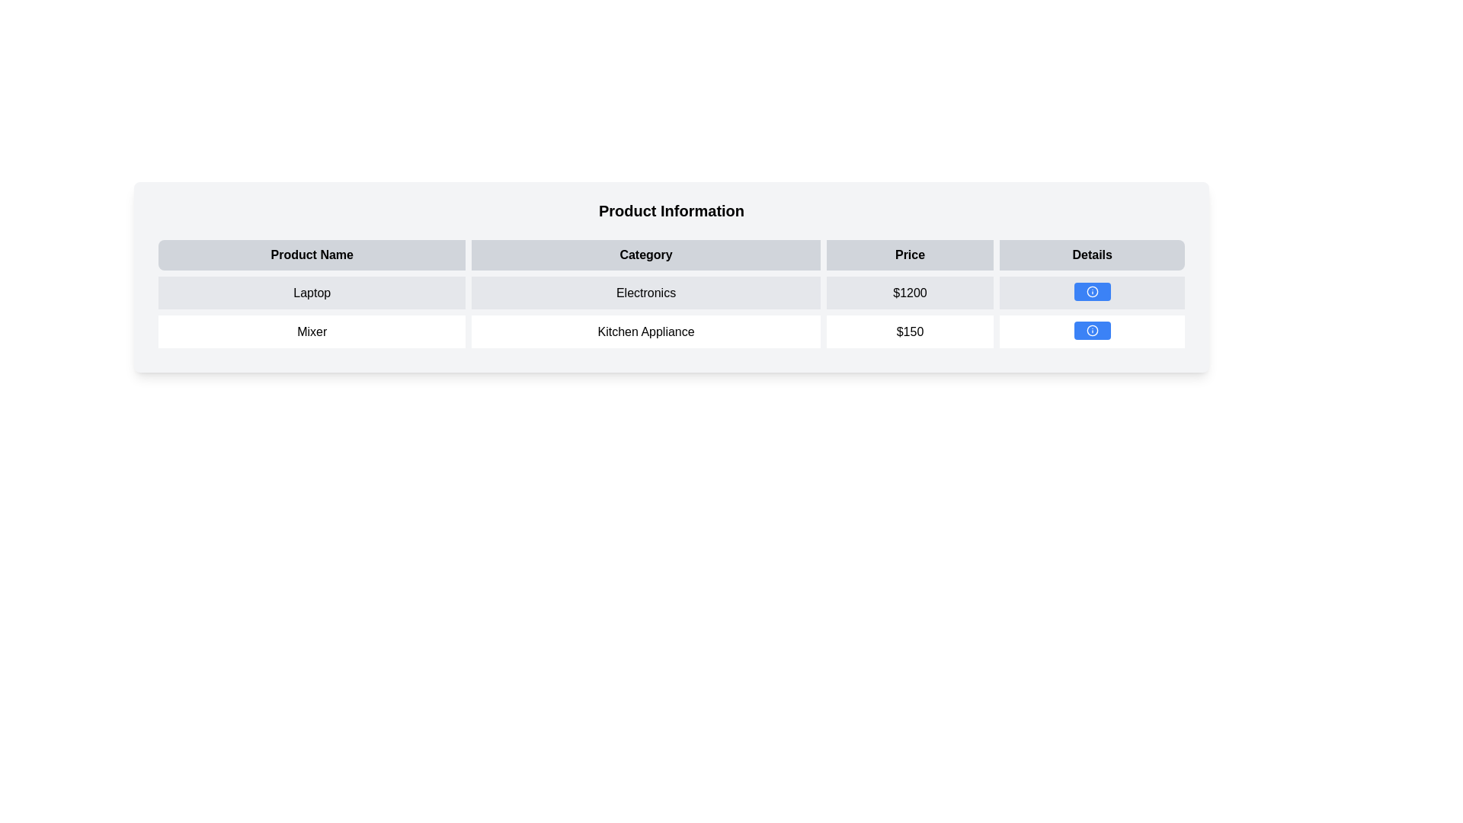 Image resolution: width=1463 pixels, height=823 pixels. I want to click on the first row in the product information table that contains 'Laptop', 'Electronics', and '$1200', so click(671, 293).